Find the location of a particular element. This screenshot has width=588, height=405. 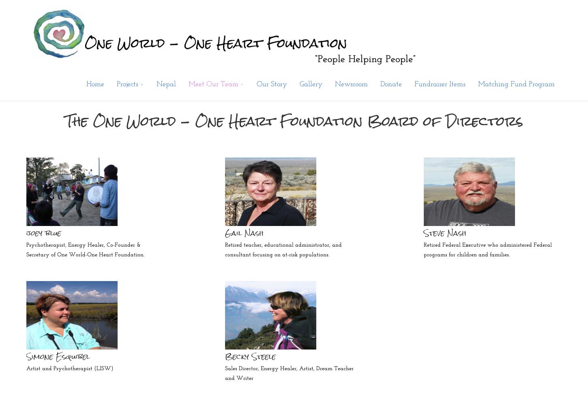

'Projects' is located at coordinates (127, 84).